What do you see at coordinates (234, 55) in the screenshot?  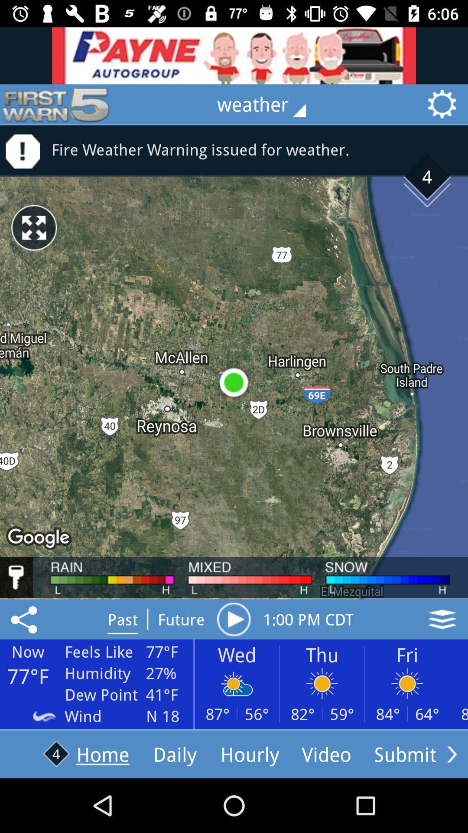 I see `the tourist group` at bounding box center [234, 55].